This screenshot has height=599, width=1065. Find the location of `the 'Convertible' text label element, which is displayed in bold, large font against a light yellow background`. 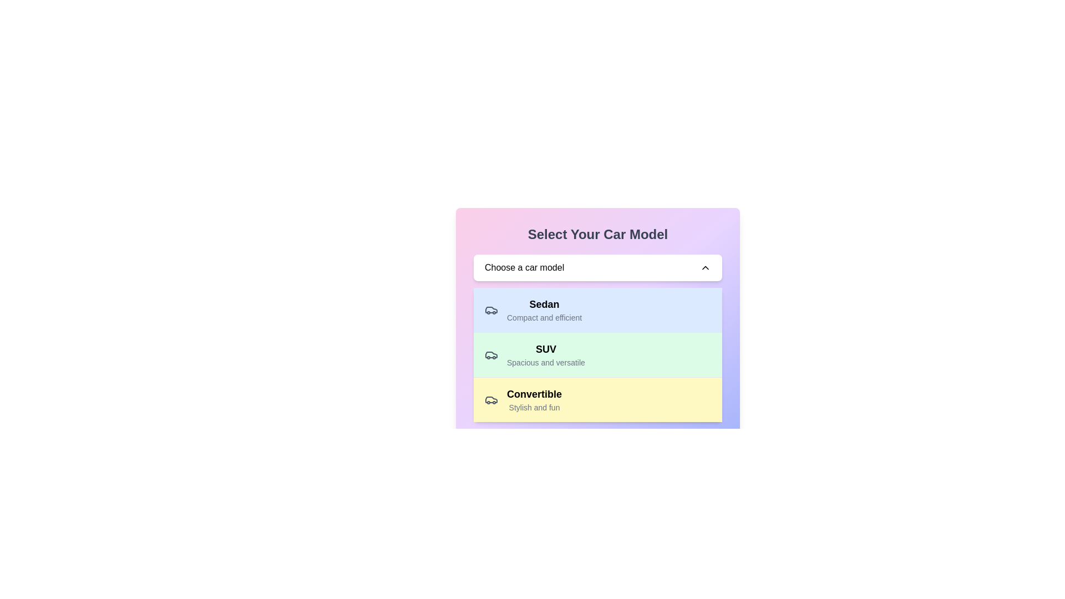

the 'Convertible' text label element, which is displayed in bold, large font against a light yellow background is located at coordinates (534, 393).